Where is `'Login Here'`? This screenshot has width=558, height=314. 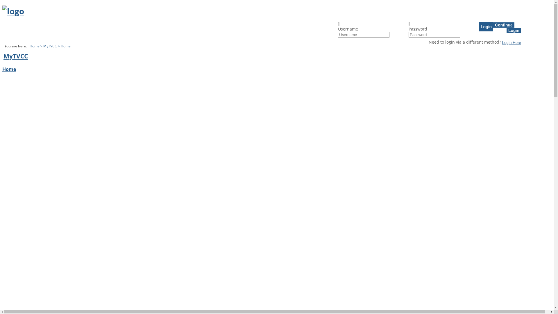 'Login Here' is located at coordinates (502, 42).